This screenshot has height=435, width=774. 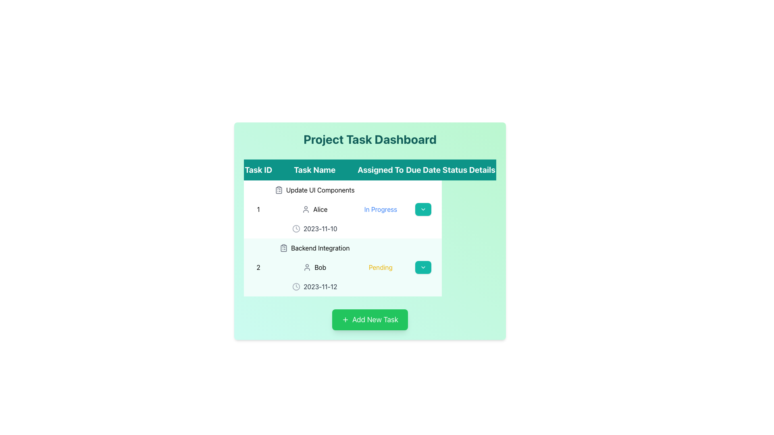 What do you see at coordinates (279, 190) in the screenshot?
I see `the decorative icon located in the 'Update UI Components' row to the left of the task name text` at bounding box center [279, 190].